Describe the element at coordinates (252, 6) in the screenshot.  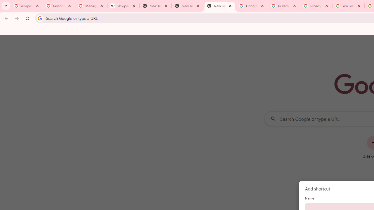
I see `'Google Drive: Sign-in'` at that location.